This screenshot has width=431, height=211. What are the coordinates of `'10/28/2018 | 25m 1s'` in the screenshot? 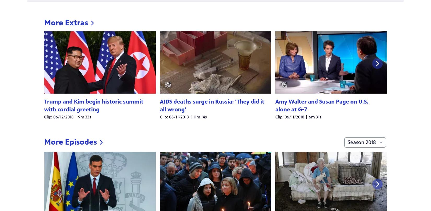 It's located at (178, 136).